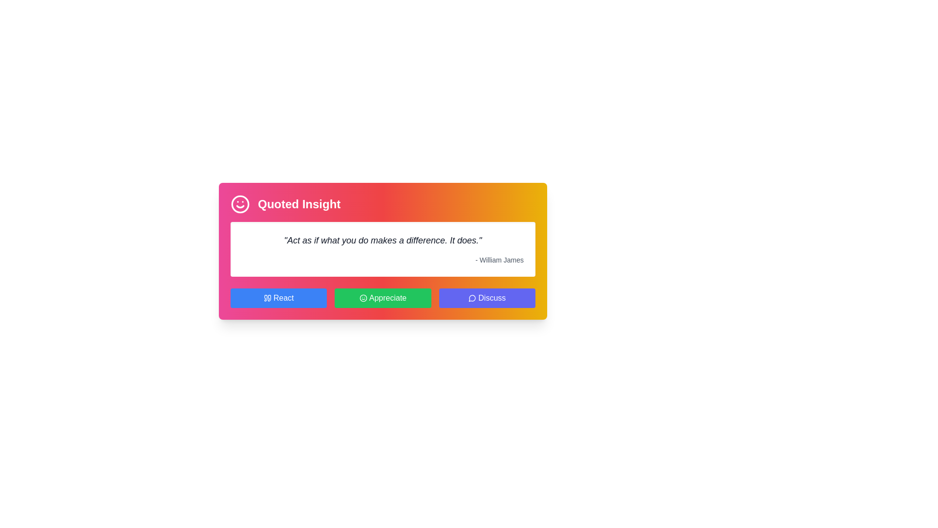 Image resolution: width=938 pixels, height=528 pixels. Describe the element at coordinates (382, 297) in the screenshot. I see `the 'Appreciate' button, which is a rectangular button with a green background and white text, located in the middle of three buttons below a motivational quote box` at that location.